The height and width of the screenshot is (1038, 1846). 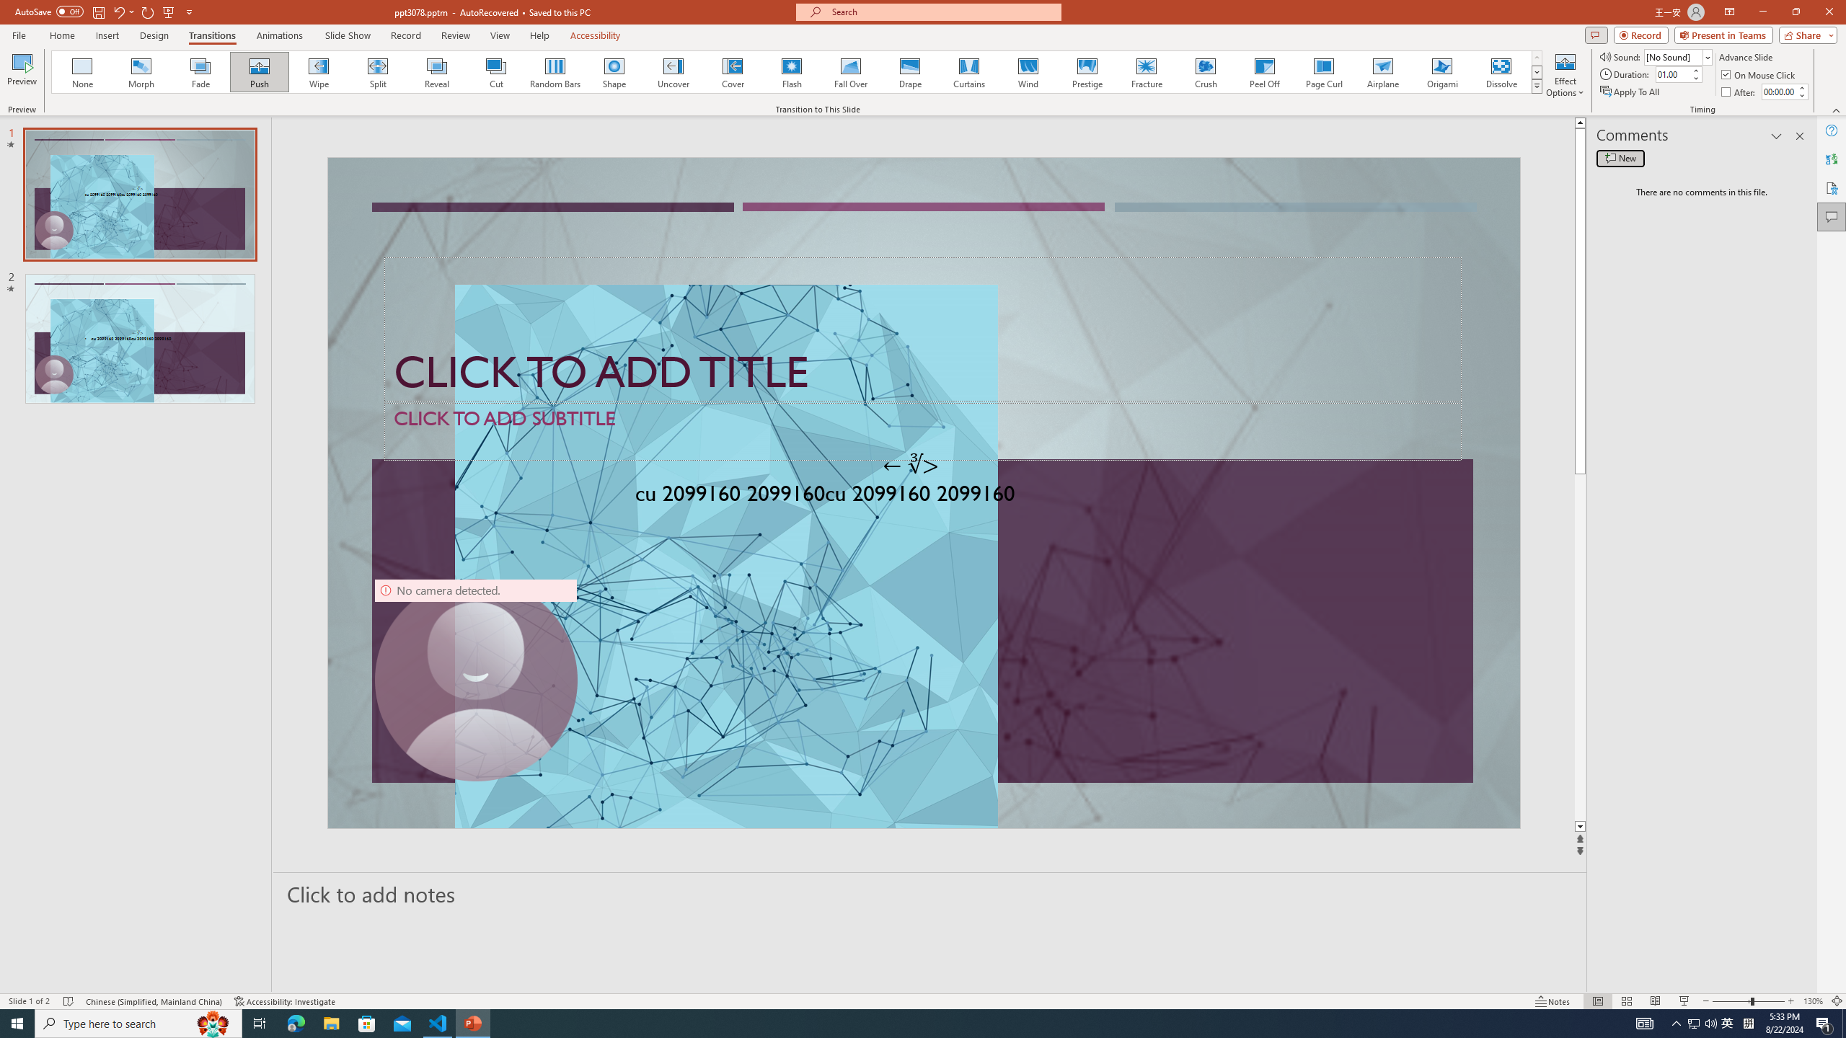 I want to click on 'After', so click(x=1739, y=92).